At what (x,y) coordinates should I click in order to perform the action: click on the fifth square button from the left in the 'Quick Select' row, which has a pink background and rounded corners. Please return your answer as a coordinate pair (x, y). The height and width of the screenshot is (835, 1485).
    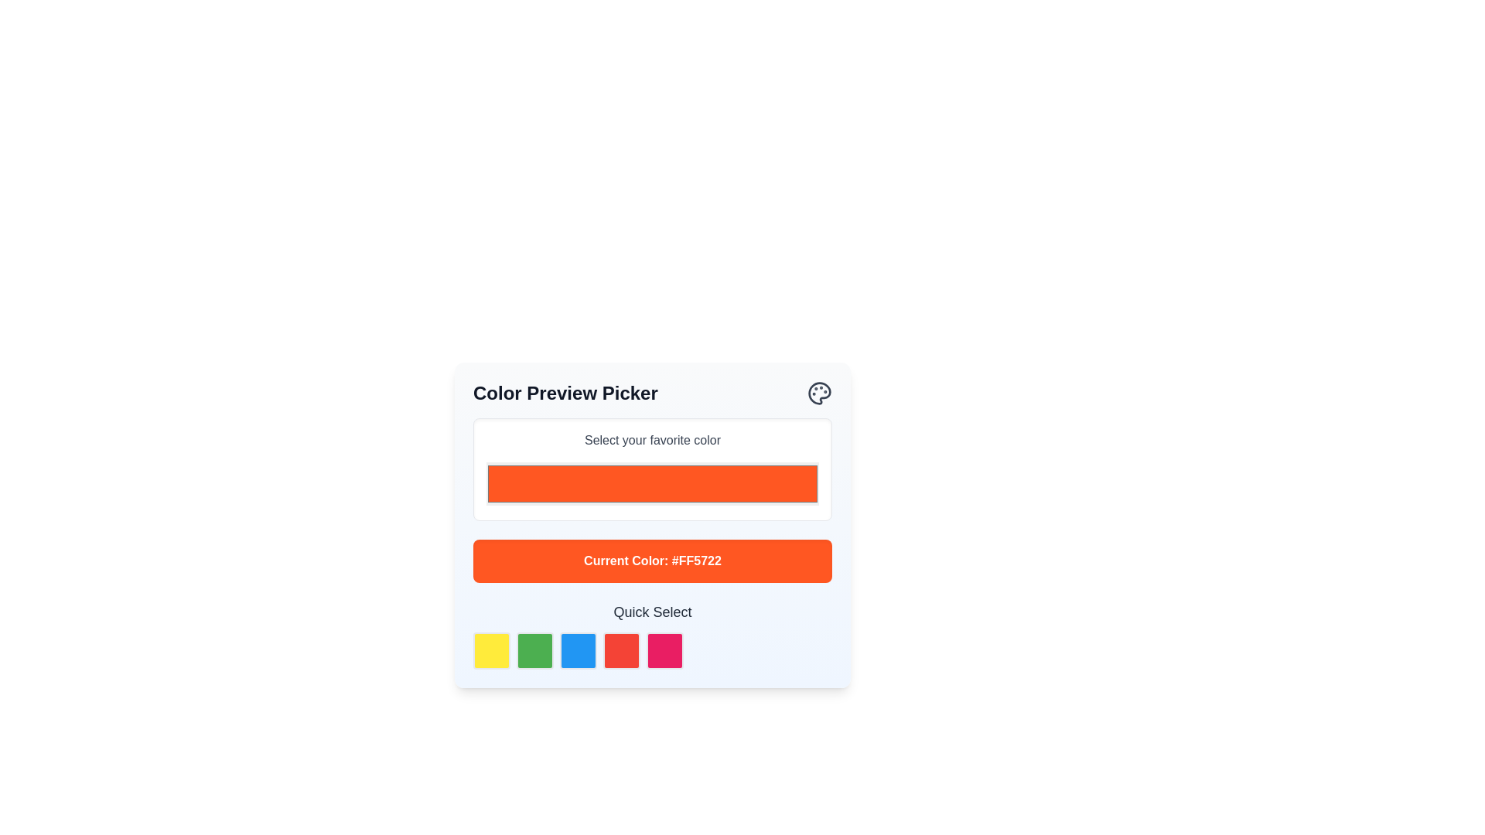
    Looking at the image, I should click on (664, 650).